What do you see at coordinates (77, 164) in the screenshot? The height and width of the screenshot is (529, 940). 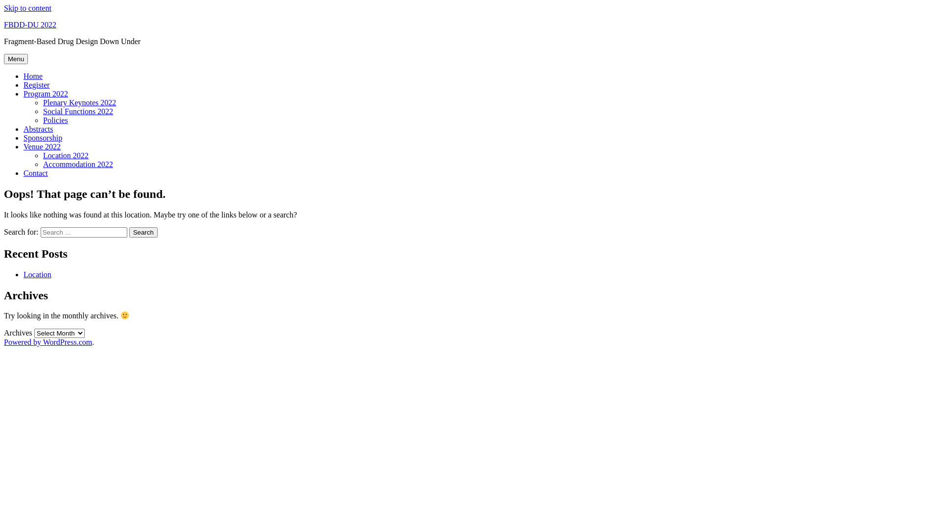 I see `'Accommodation 2022'` at bounding box center [77, 164].